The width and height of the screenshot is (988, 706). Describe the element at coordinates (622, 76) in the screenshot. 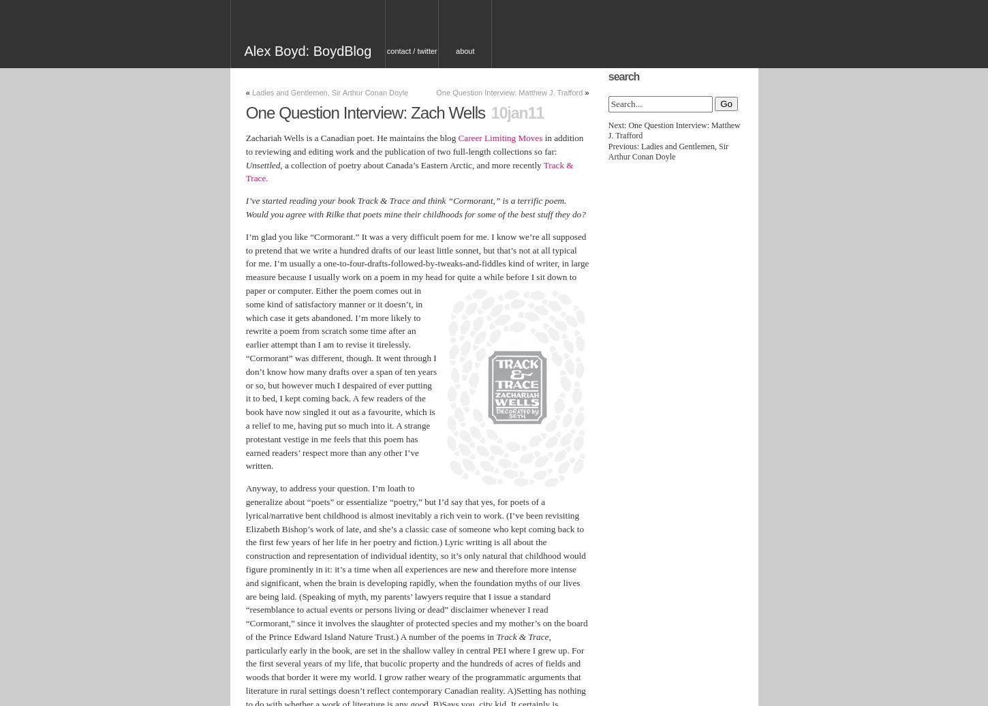

I see `'Search'` at that location.